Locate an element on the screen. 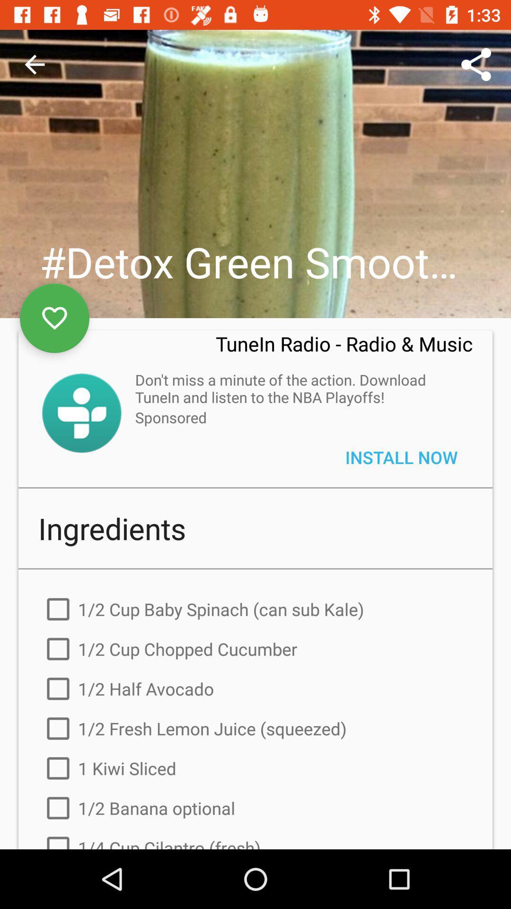  the 1 kiwi sliced item is located at coordinates (255, 768).